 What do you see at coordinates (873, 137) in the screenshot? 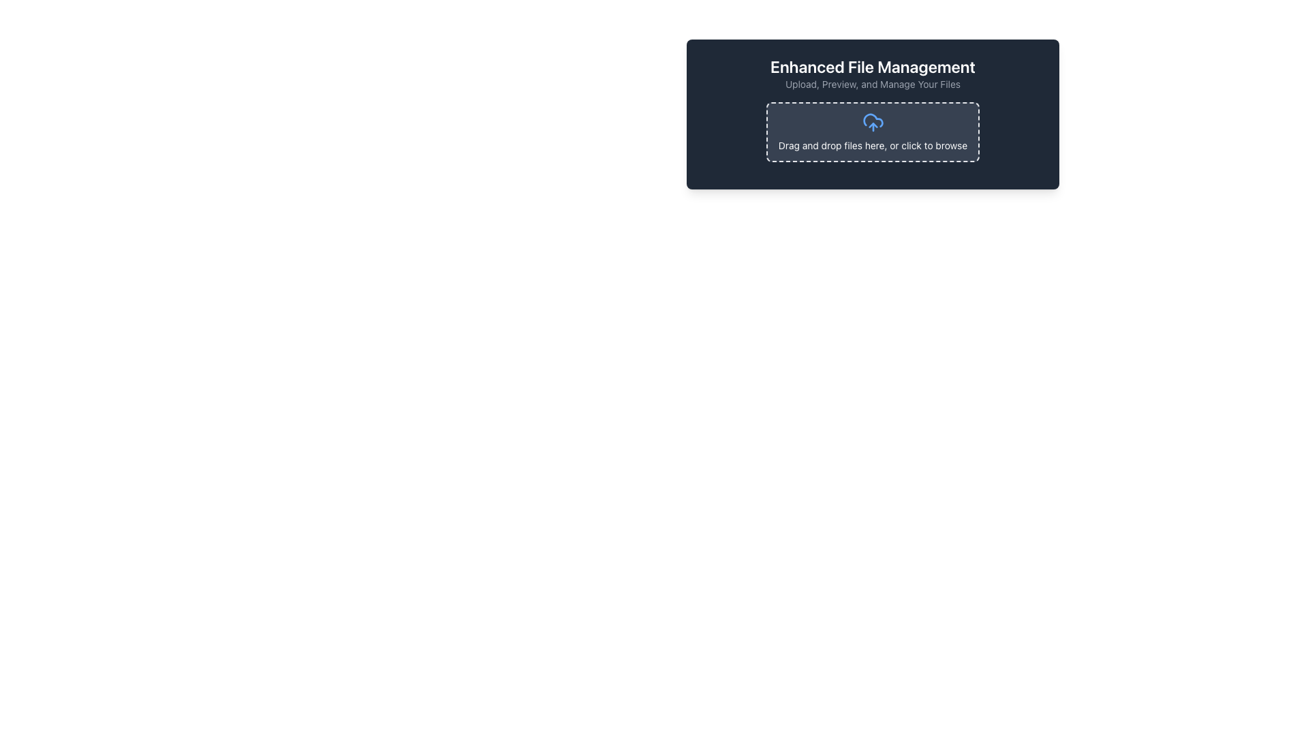
I see `the Interactive file upload area located in the card titled 'Enhanced File Management' to observe hover effects` at bounding box center [873, 137].